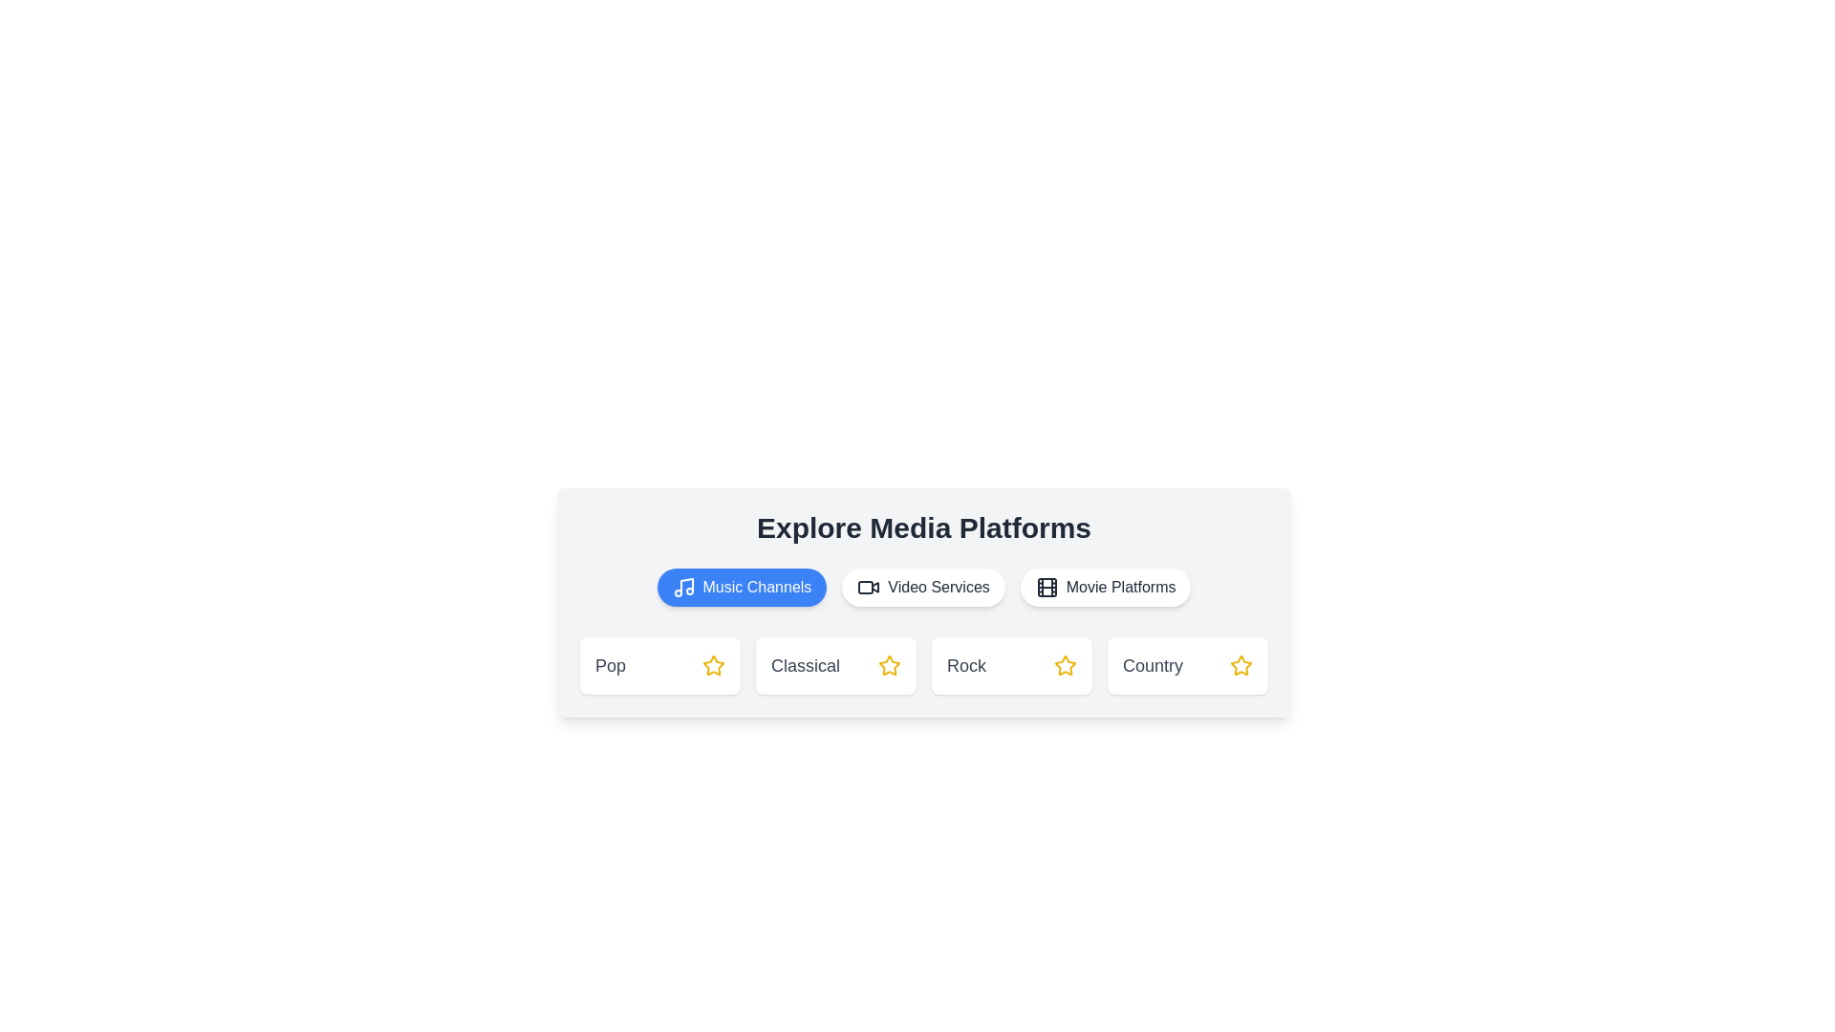  What do you see at coordinates (923, 586) in the screenshot?
I see `the button that activates video services, situated between 'Music Channels' and 'Movie Platforms'` at bounding box center [923, 586].